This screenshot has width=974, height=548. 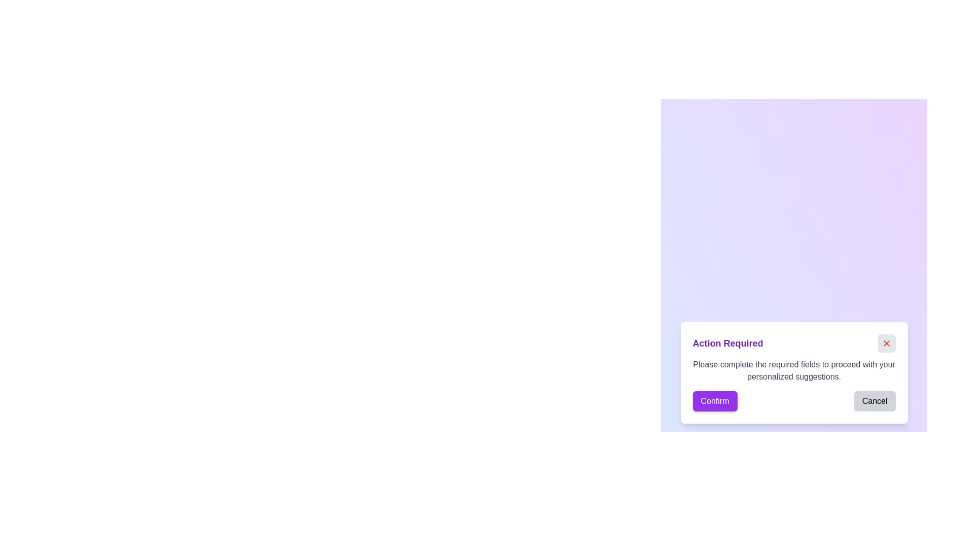 I want to click on the square button with rounded corners and a red 'X' icon located at the top-right corner of the dialog, so click(x=886, y=343).